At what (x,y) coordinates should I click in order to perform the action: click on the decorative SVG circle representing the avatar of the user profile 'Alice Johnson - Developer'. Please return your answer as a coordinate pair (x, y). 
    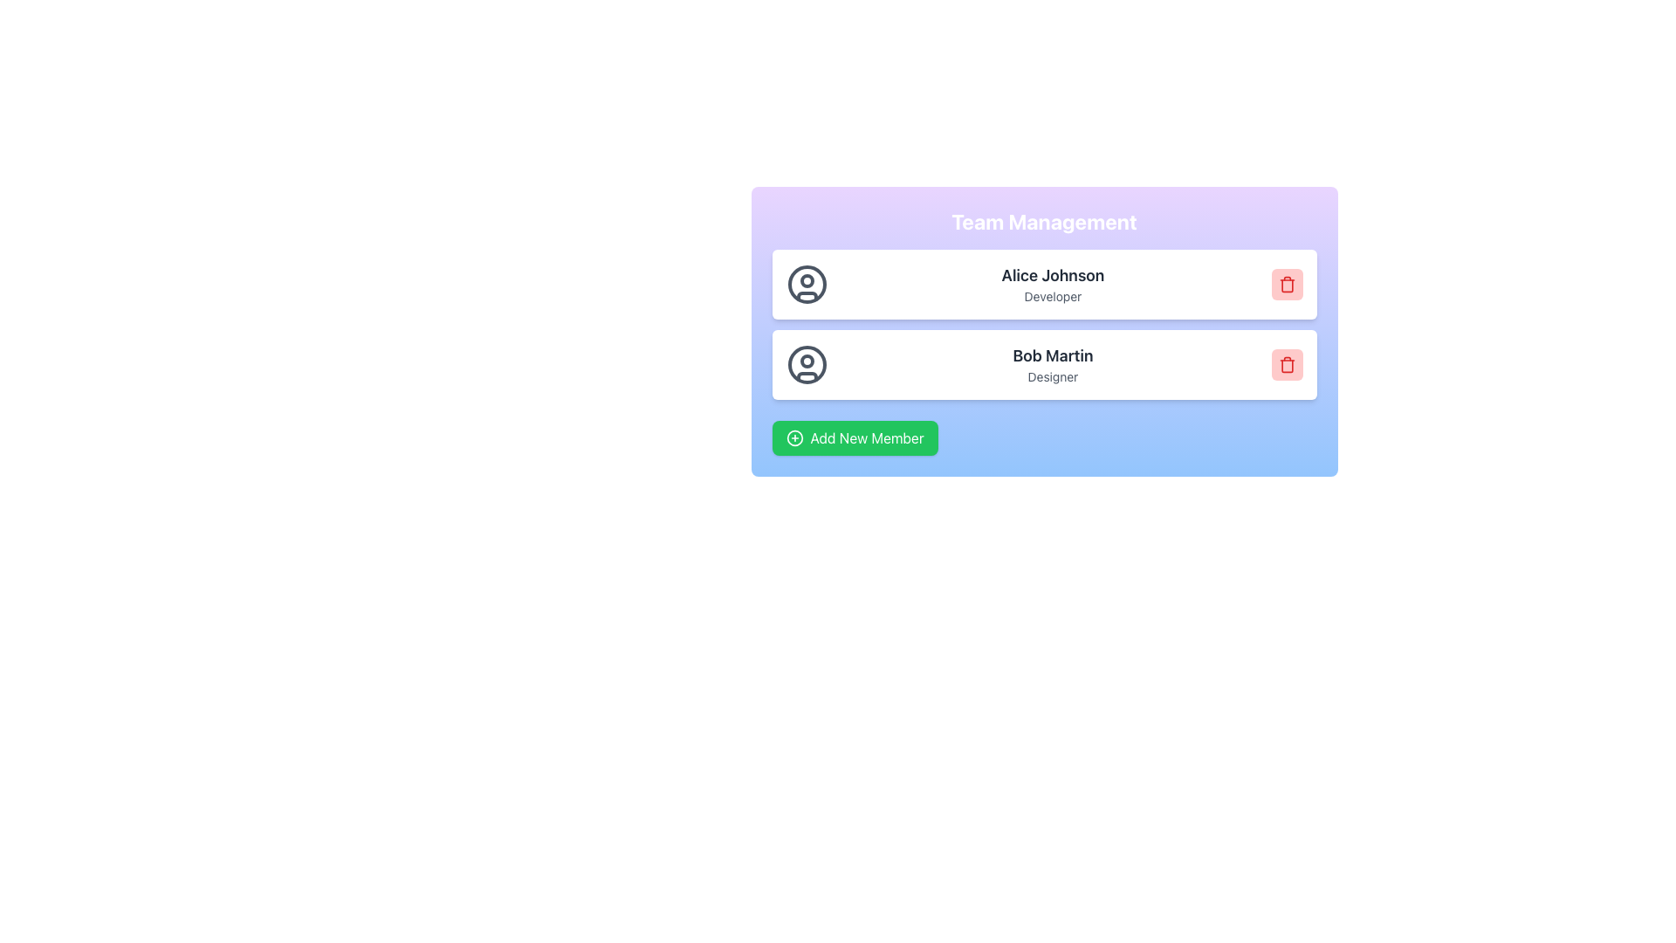
    Looking at the image, I should click on (806, 284).